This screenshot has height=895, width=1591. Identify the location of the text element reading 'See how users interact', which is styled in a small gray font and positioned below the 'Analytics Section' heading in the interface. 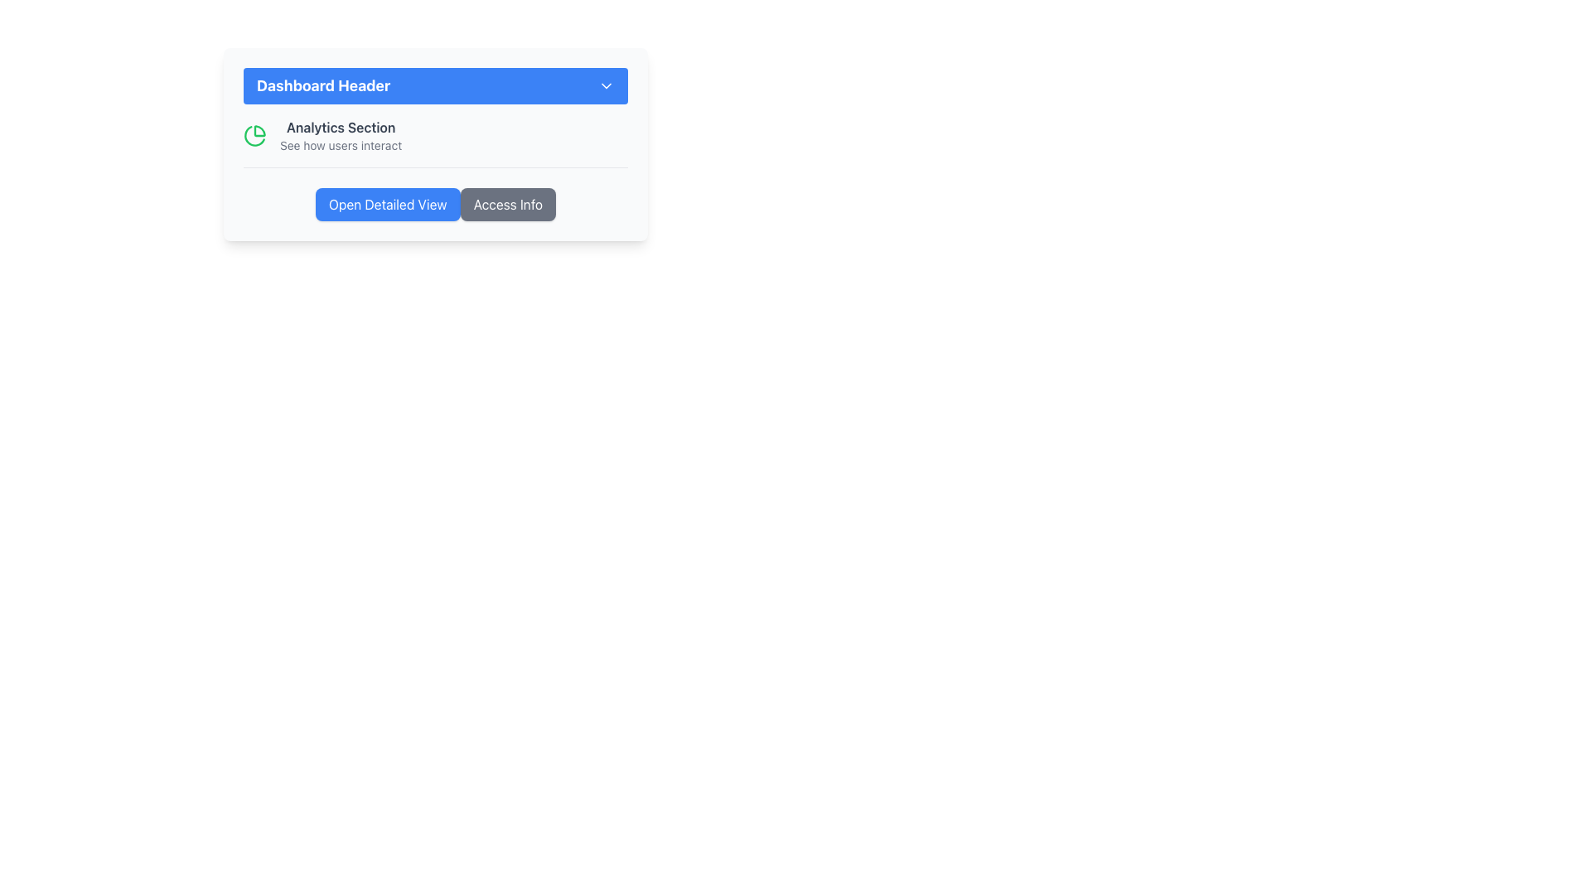
(340, 145).